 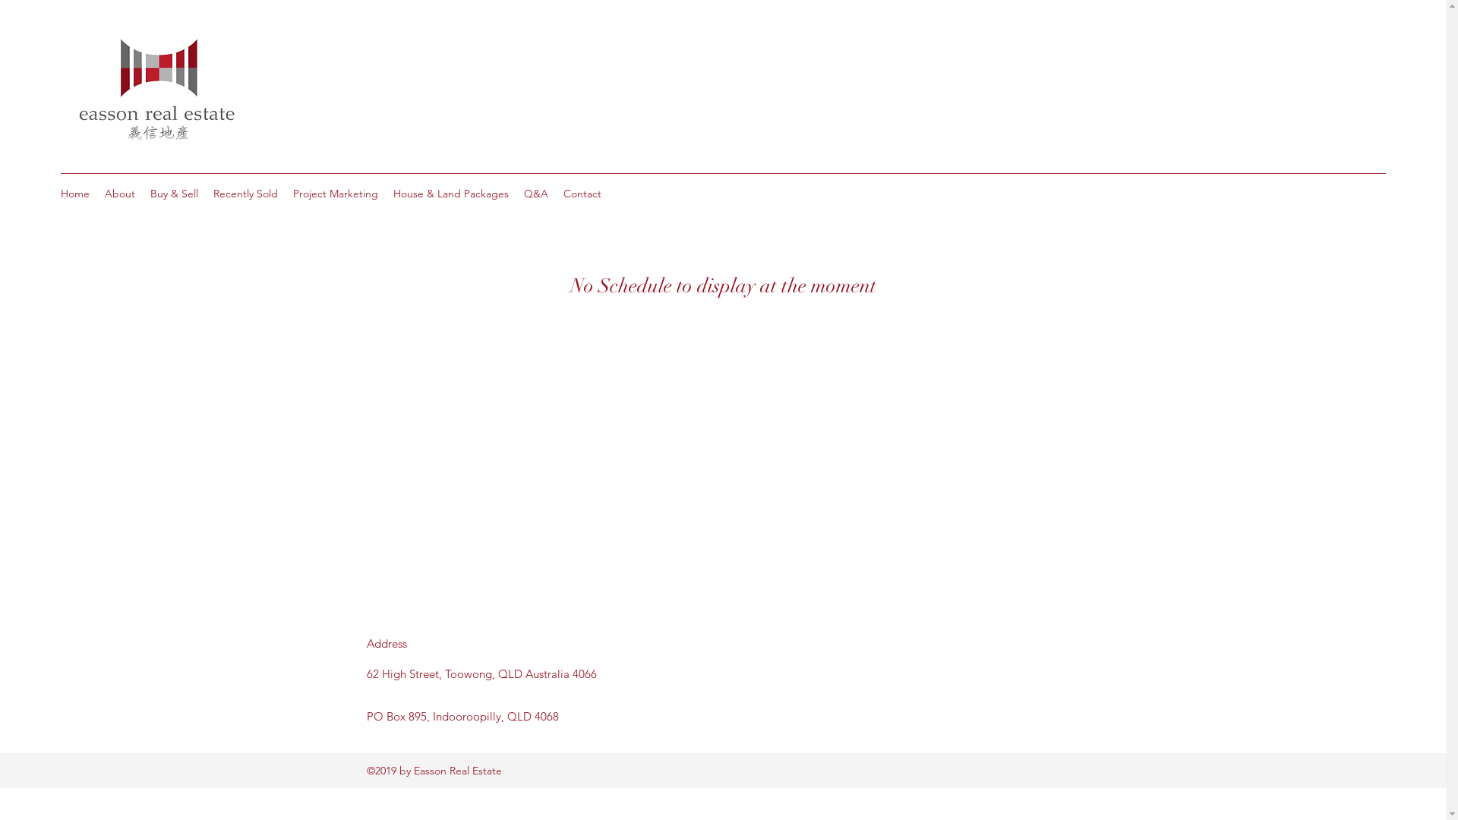 I want to click on 'Buy & Sell', so click(x=174, y=192).